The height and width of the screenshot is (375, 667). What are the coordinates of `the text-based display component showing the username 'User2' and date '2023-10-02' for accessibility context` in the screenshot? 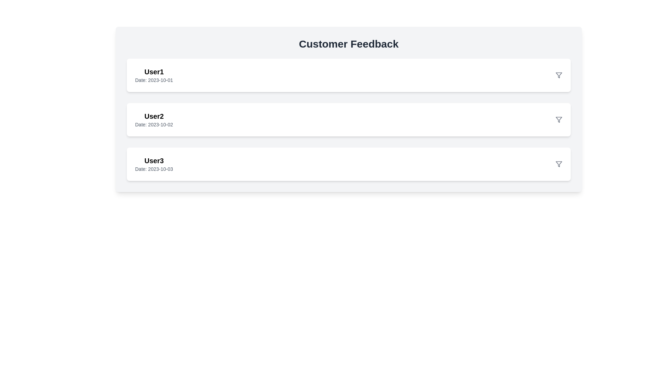 It's located at (154, 119).